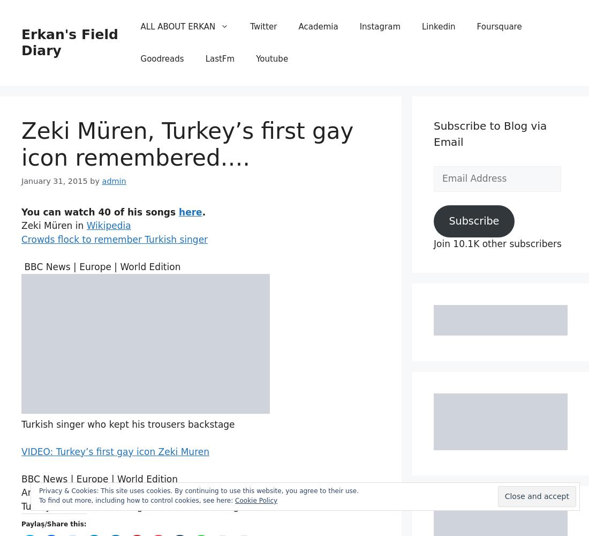 Image resolution: width=589 pixels, height=536 pixels. I want to click on 'LastFm', so click(205, 58).